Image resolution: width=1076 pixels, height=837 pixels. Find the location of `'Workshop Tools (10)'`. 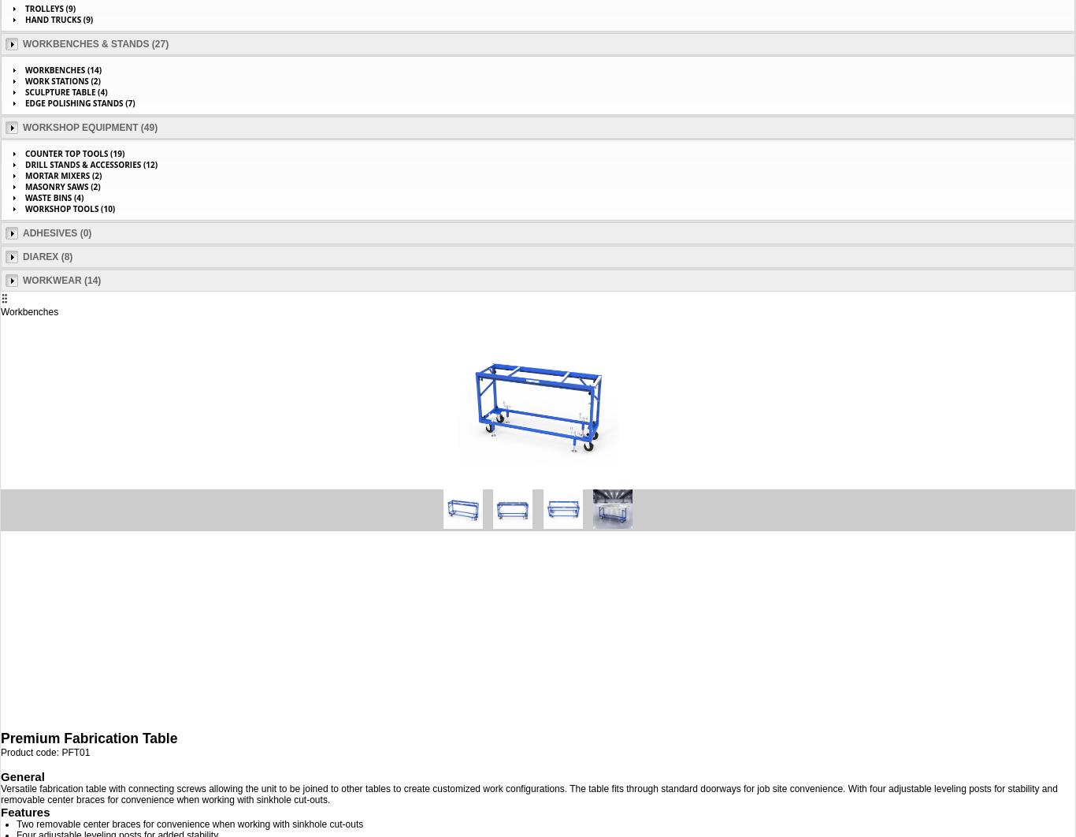

'Workshop Tools (10)' is located at coordinates (70, 208).